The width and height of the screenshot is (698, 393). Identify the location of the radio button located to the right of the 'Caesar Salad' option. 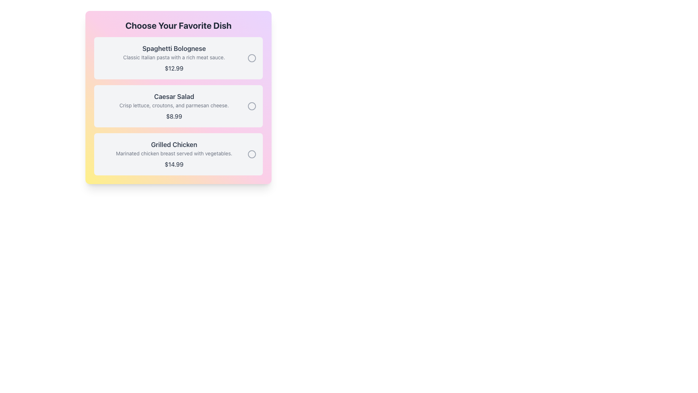
(252, 106).